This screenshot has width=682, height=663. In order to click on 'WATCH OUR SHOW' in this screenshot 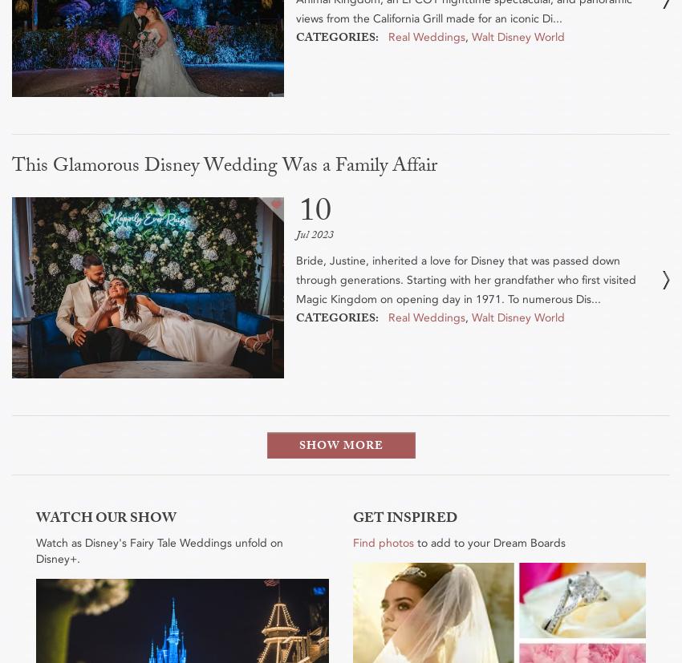, I will do `click(106, 519)`.